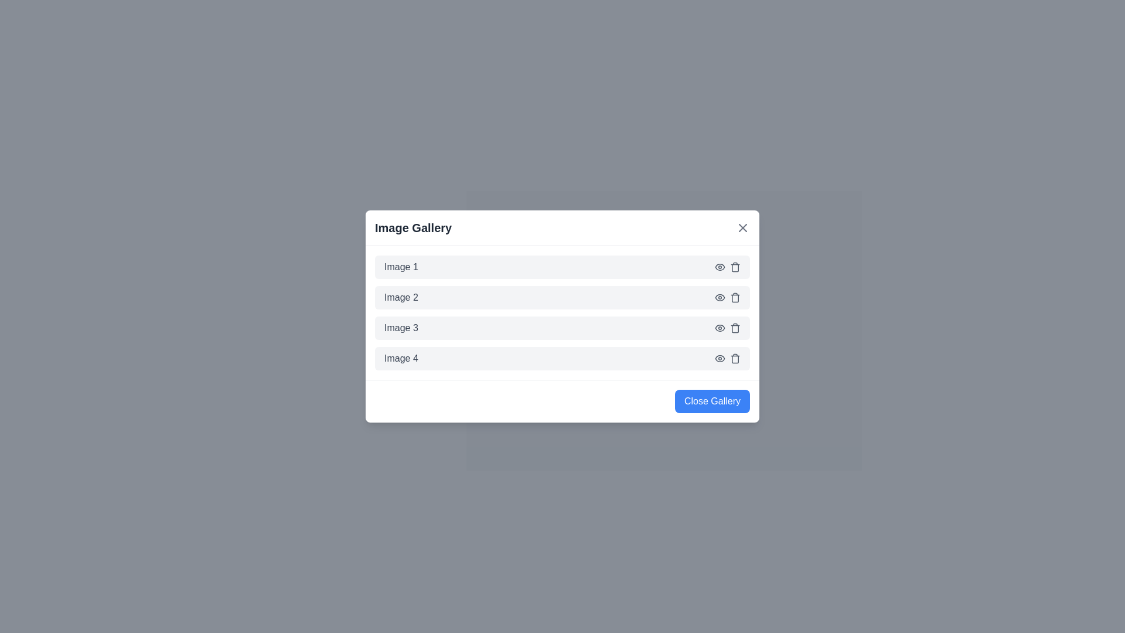  I want to click on the list item labeled 'Image 1' in the 'Image Gallery' modal, so click(562, 267).